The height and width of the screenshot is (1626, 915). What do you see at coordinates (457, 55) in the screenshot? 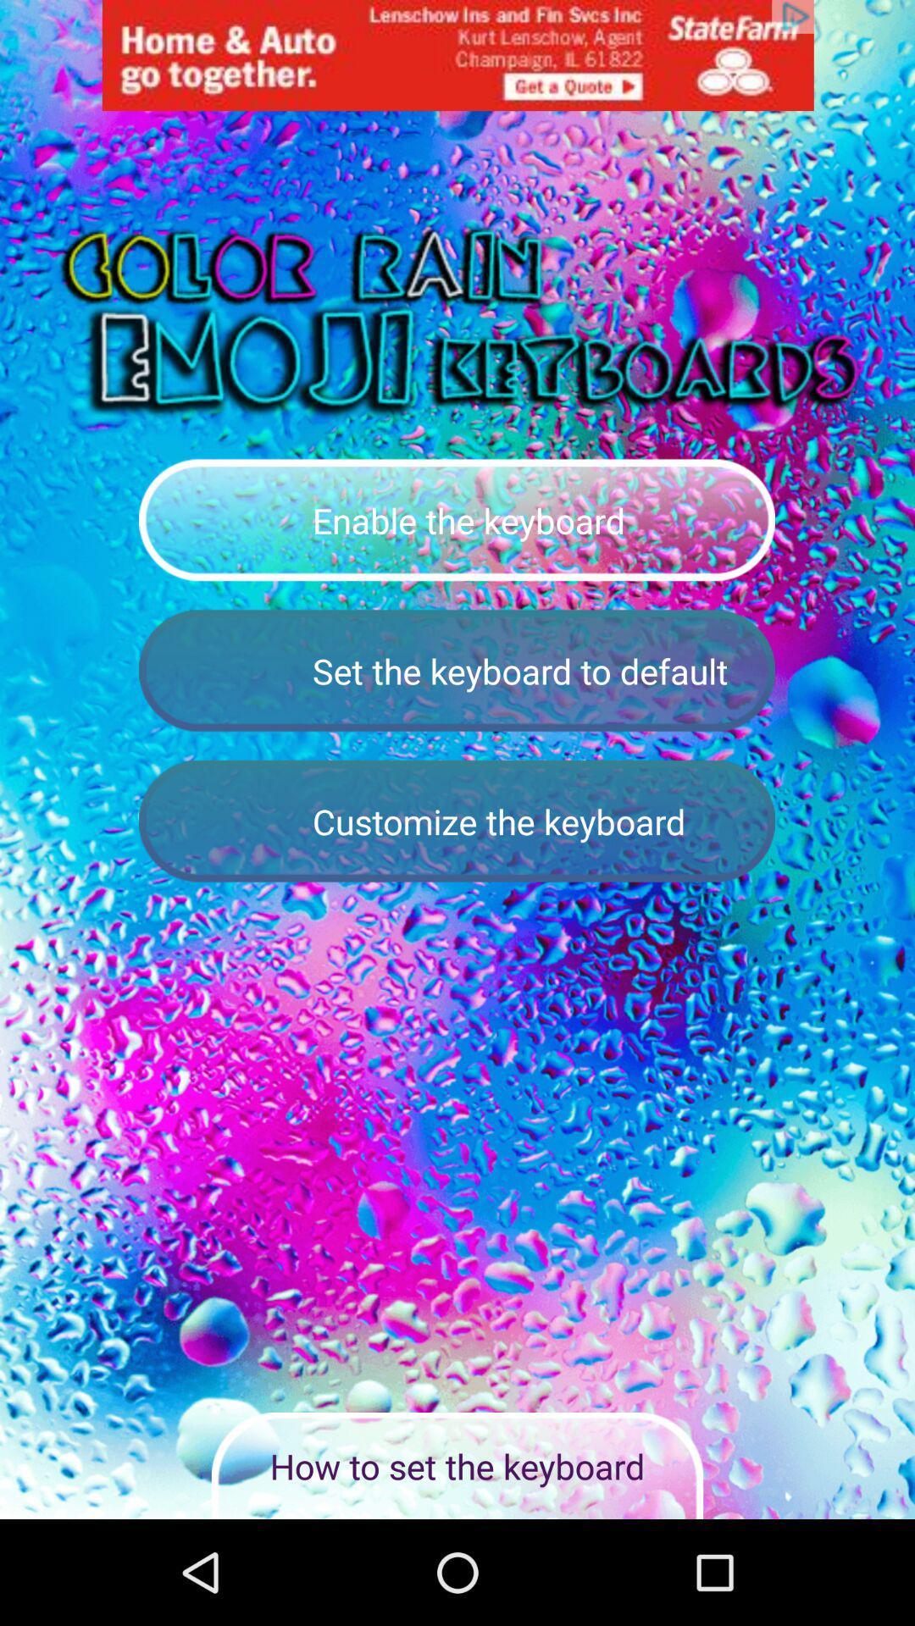
I see `advertisement` at bounding box center [457, 55].